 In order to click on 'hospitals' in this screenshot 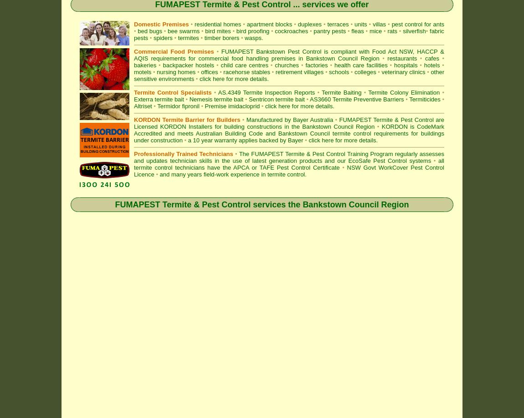, I will do `click(406, 65)`.